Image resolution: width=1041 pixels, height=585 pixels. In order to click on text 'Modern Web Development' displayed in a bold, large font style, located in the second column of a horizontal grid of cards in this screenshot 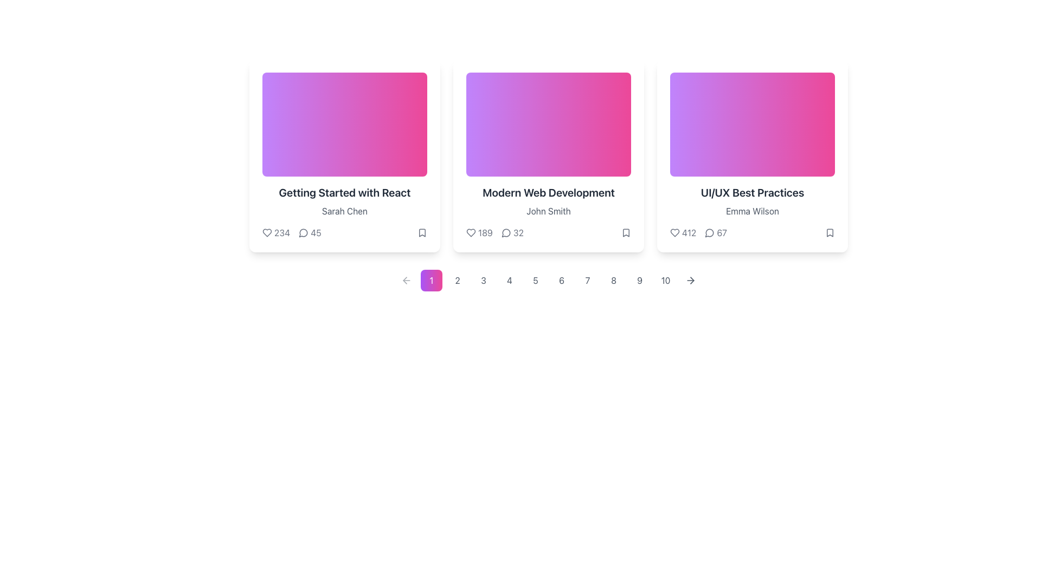, I will do `click(549, 192)`.